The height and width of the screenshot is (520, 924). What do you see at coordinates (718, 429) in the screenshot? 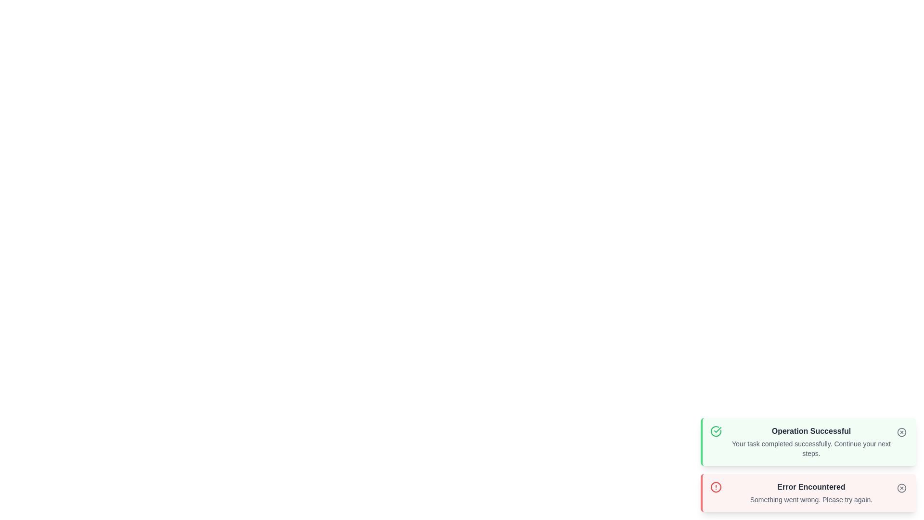
I see `the green checkmark icon located within a circular border, which signifies positive confirmation, situated to the left of the 'Operation Successful' message box` at bounding box center [718, 429].